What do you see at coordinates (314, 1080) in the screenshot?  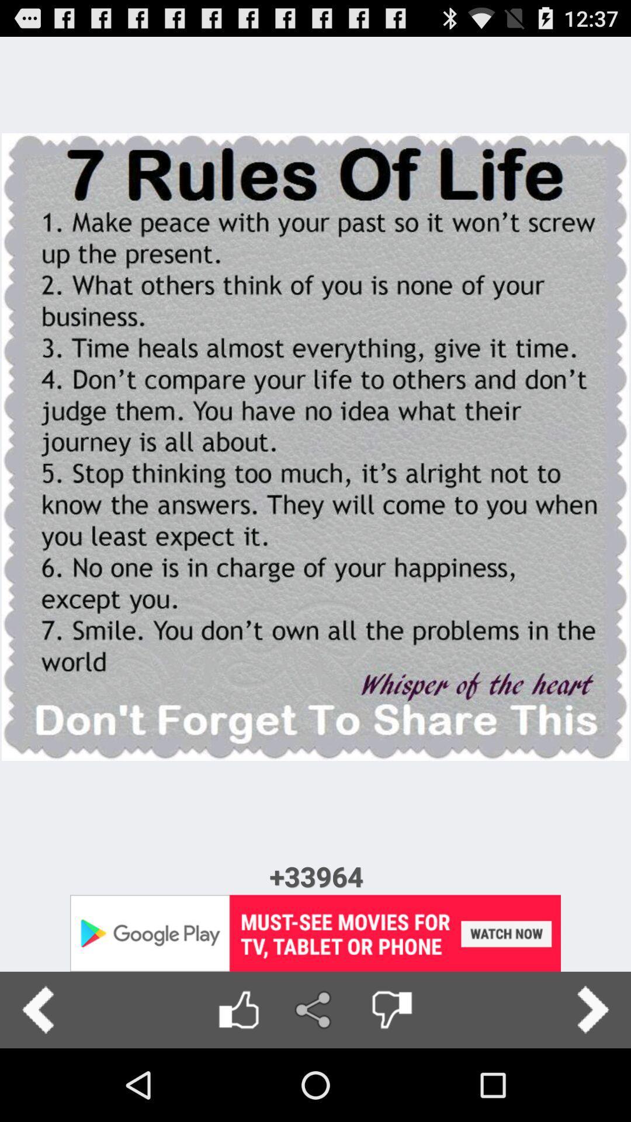 I see `the share icon` at bounding box center [314, 1080].